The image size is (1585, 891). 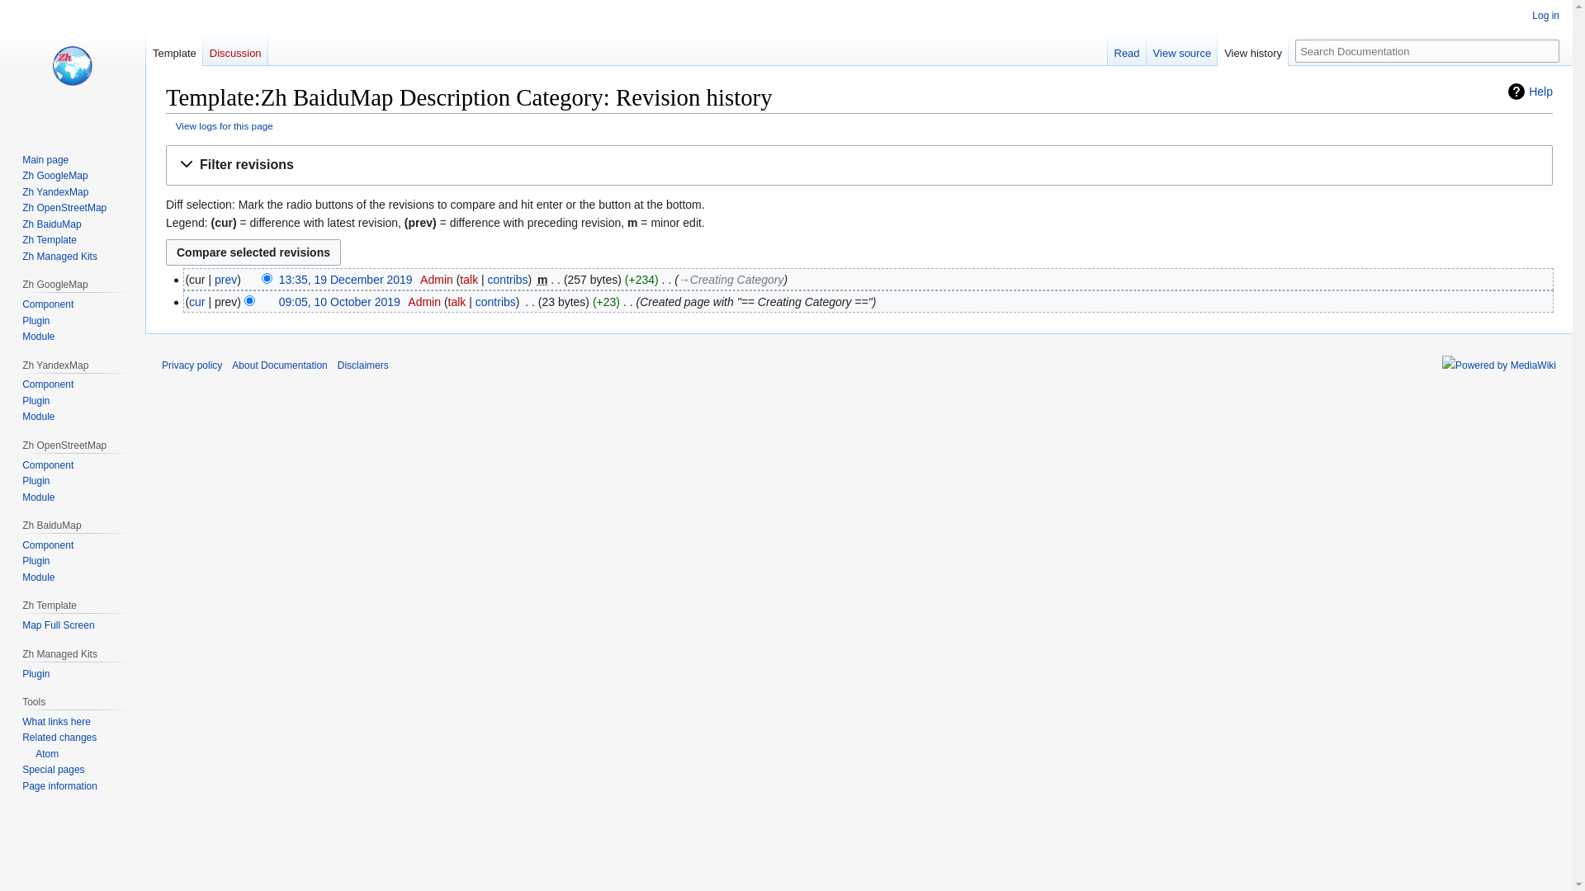 I want to click on 'Zh Managed Kits', so click(x=59, y=257).